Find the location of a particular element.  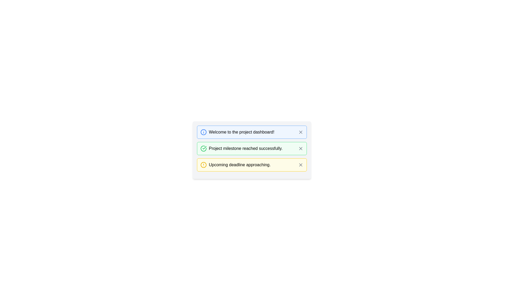

the success icon that indicates the status of the message 'Project milestone reached successfully.' is located at coordinates (203, 149).